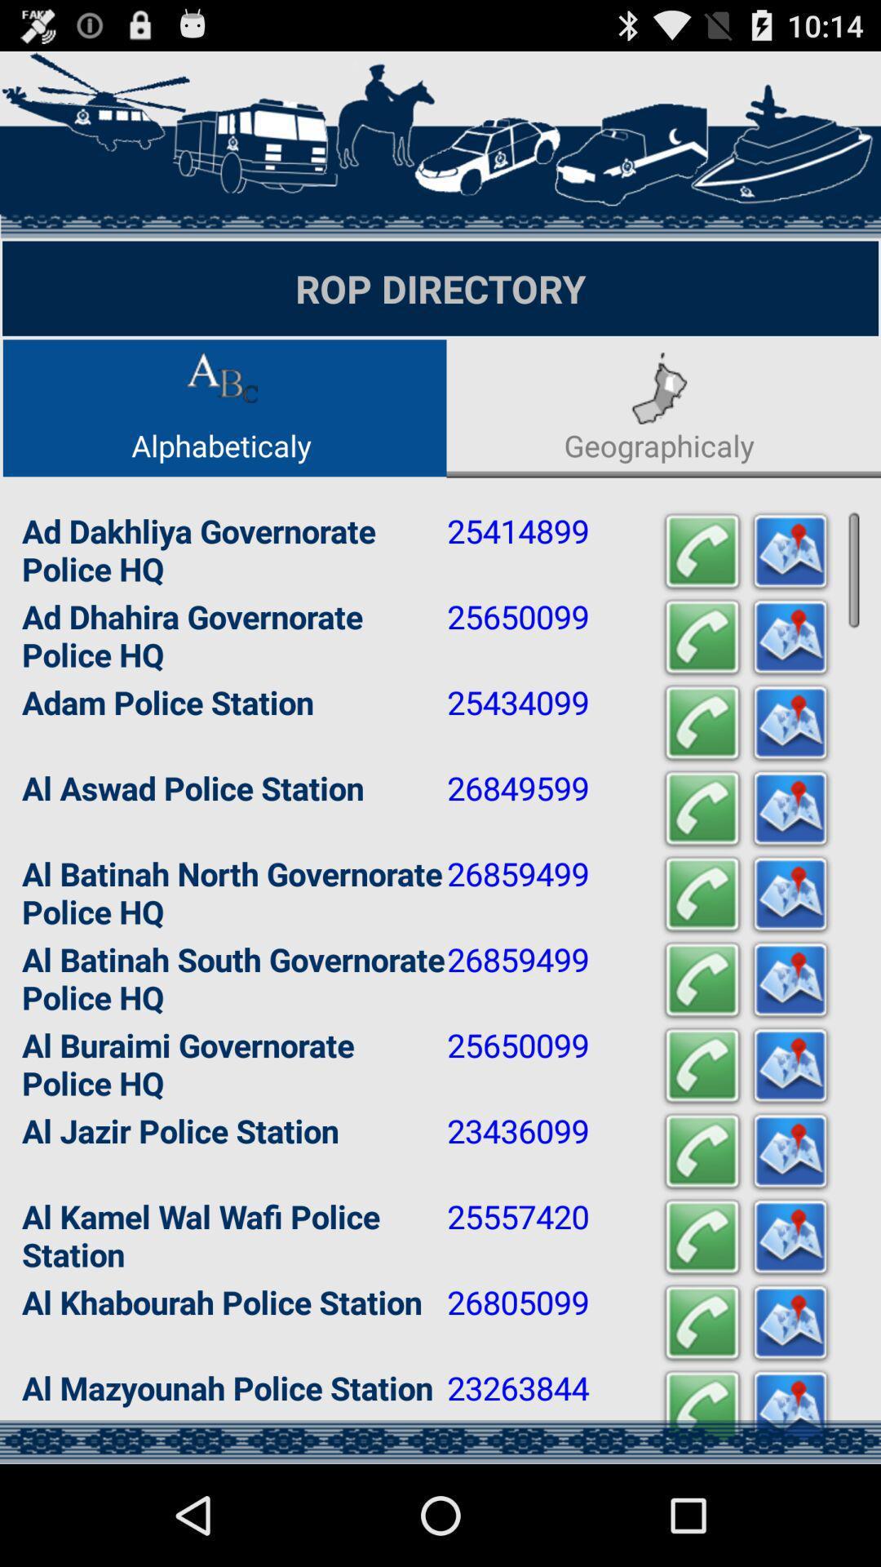 The width and height of the screenshot is (881, 1567). I want to click on al aswad police station phone number symbol, so click(701, 809).